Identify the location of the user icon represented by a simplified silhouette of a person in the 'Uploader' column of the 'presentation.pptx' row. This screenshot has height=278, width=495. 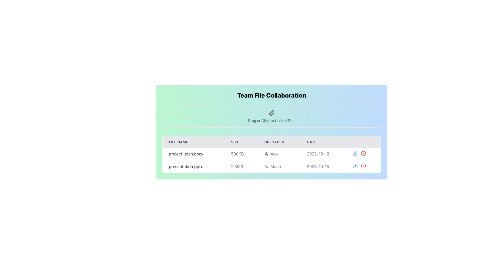
(266, 167).